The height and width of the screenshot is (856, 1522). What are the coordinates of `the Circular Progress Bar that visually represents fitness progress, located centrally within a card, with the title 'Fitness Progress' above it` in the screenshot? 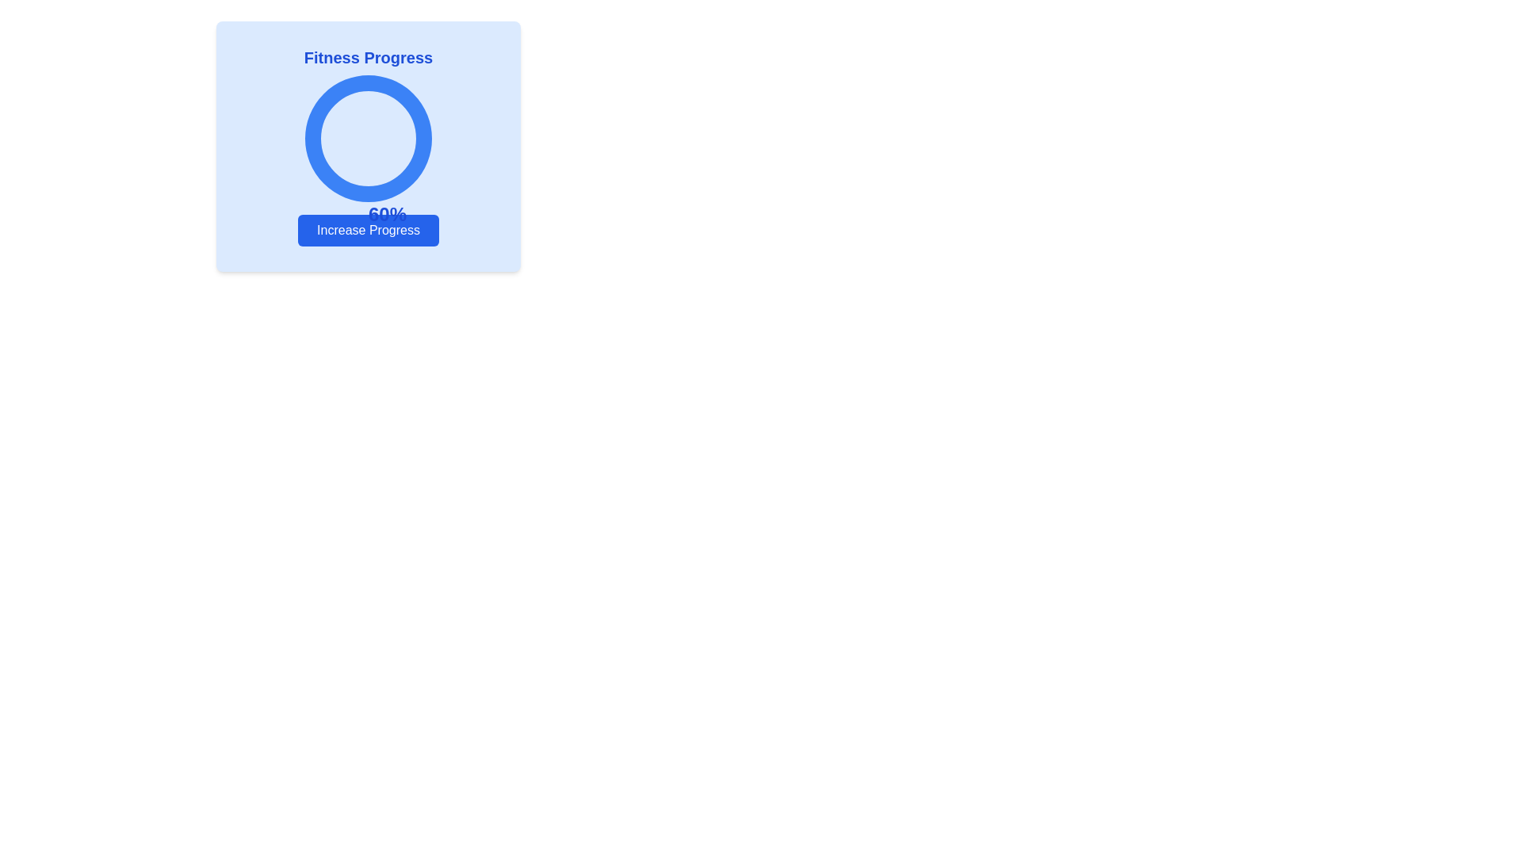 It's located at (368, 137).